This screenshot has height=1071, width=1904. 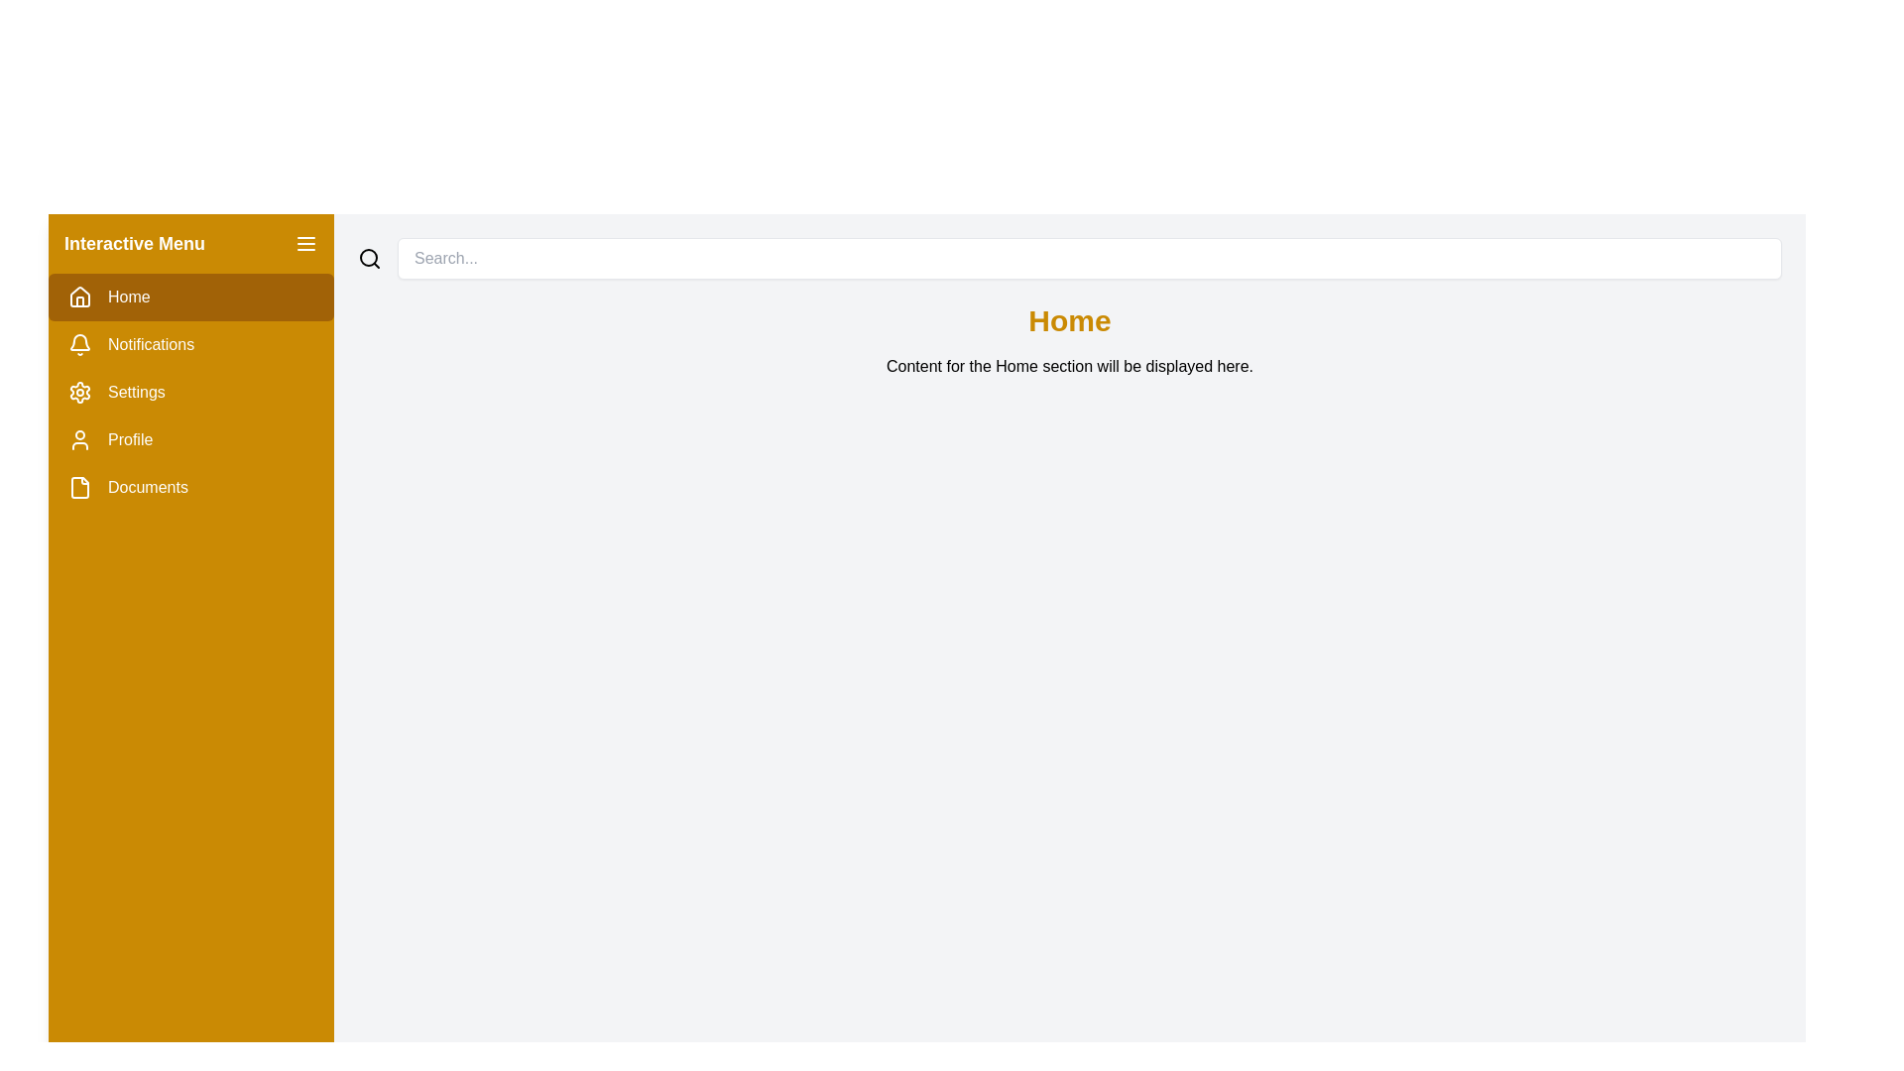 I want to click on text of the 'Notifications' label, which is the second option in the sidebar menu, located below 'Home' and above 'Settings', so click(x=150, y=343).